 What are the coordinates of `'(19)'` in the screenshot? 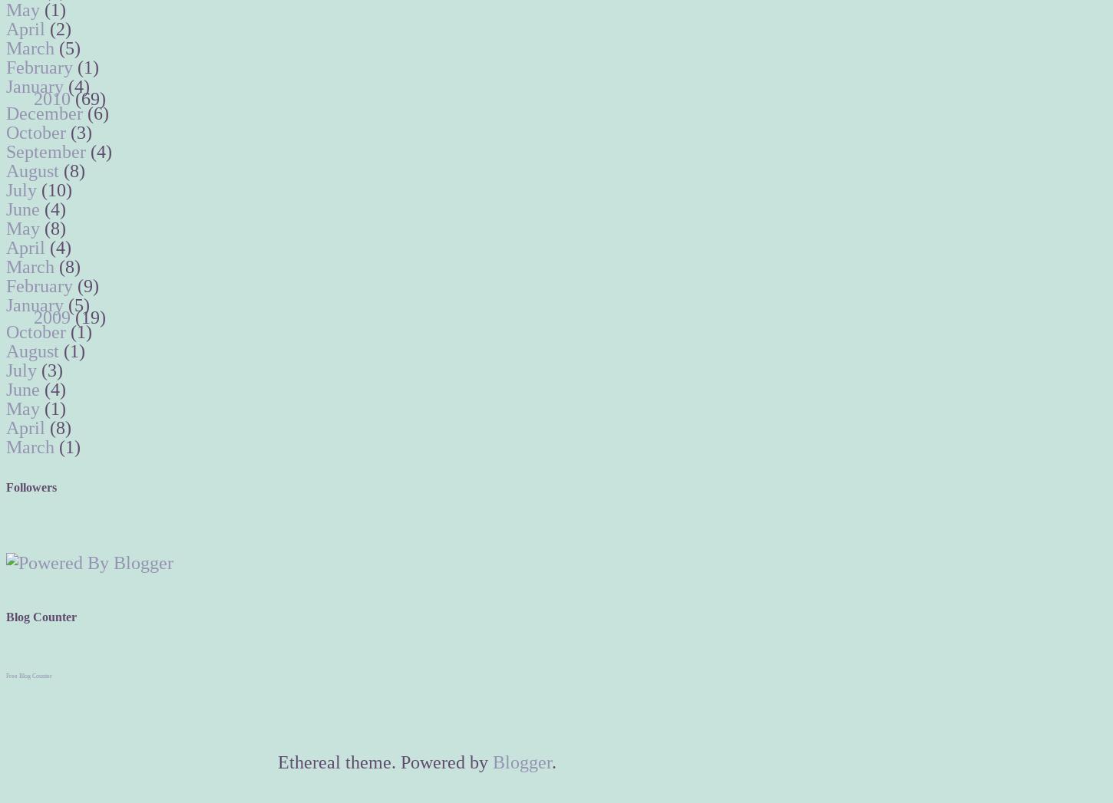 It's located at (90, 317).